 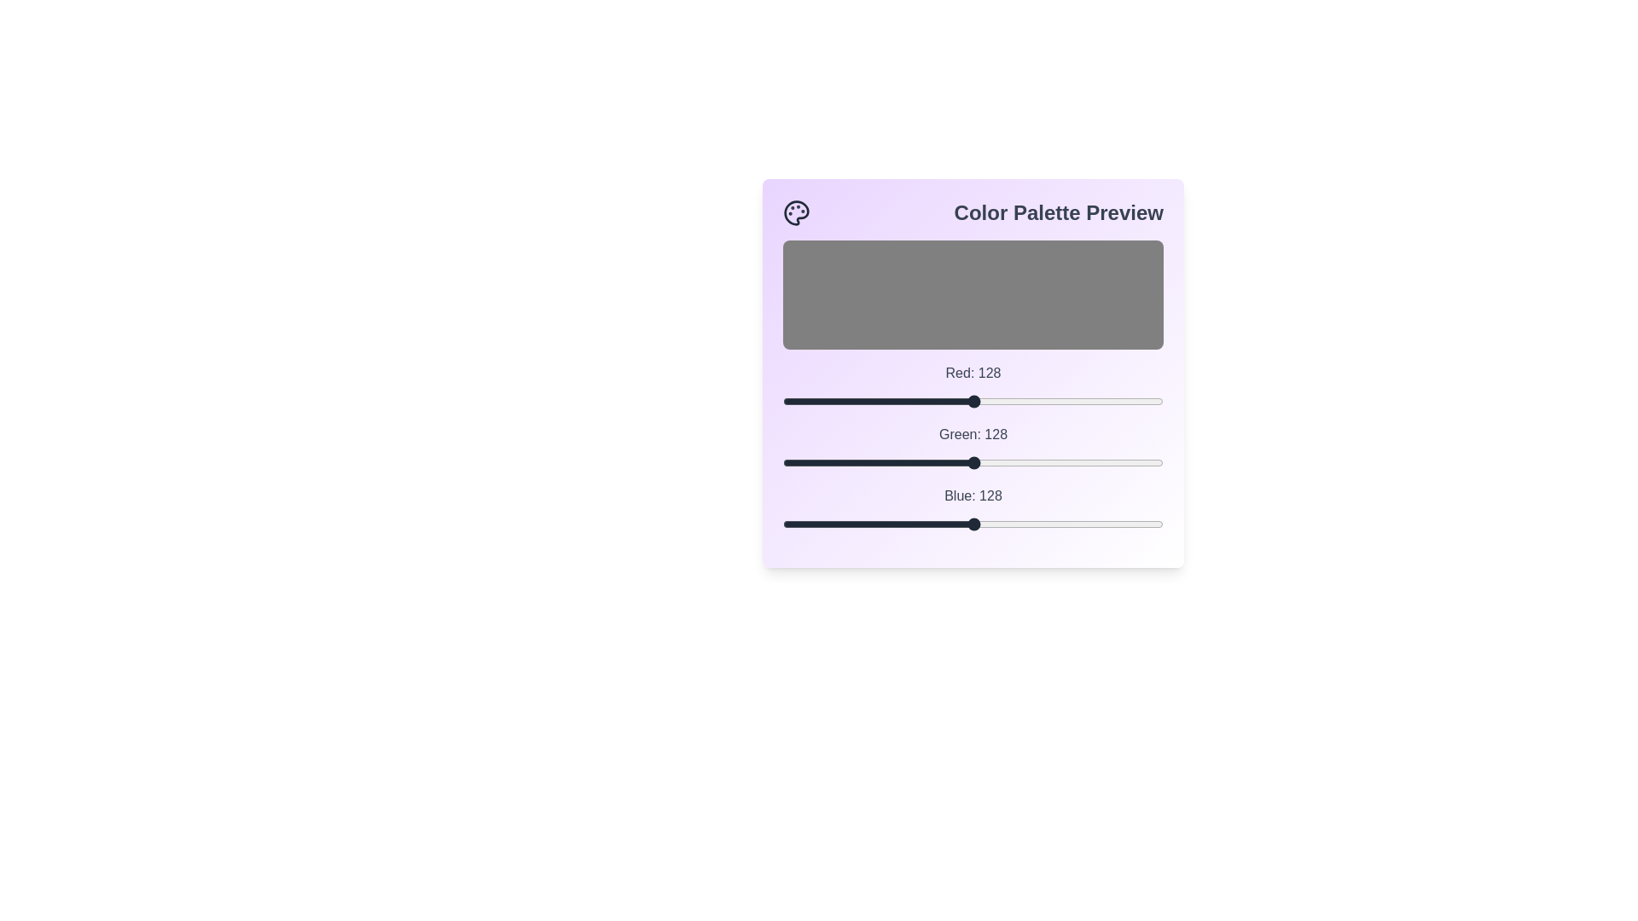 I want to click on the green intensity, so click(x=868, y=463).